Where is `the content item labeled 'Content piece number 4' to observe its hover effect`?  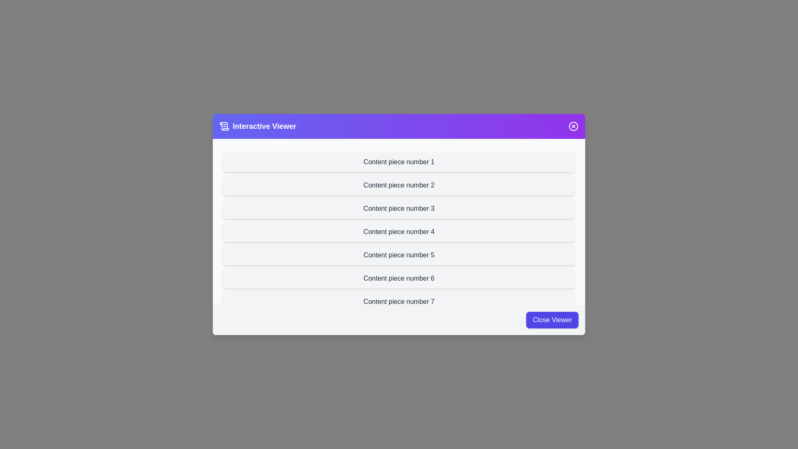
the content item labeled 'Content piece number 4' to observe its hover effect is located at coordinates (399, 232).